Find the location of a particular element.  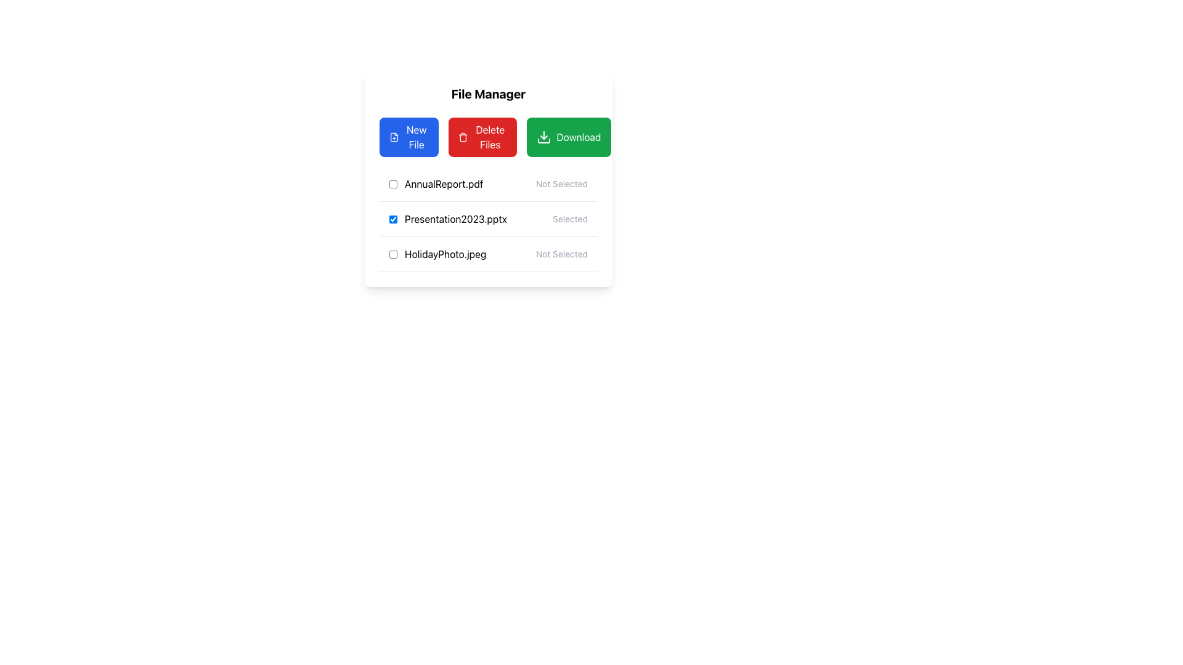

the checkbox located to the left of the filename 'Presentation2023.pptx' in the 'File Manager' interface is located at coordinates (392, 218).